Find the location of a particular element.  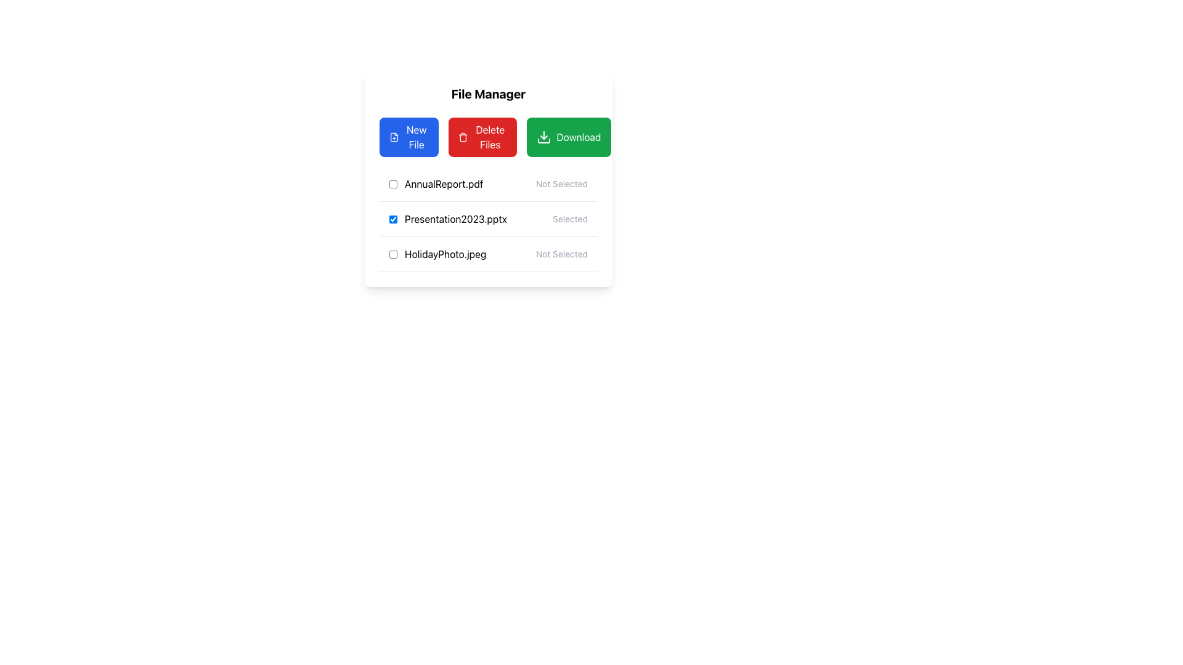

the checkbox located to the left of the filename 'Presentation2023.pptx' in the 'File Manager' interface is located at coordinates (392, 218).